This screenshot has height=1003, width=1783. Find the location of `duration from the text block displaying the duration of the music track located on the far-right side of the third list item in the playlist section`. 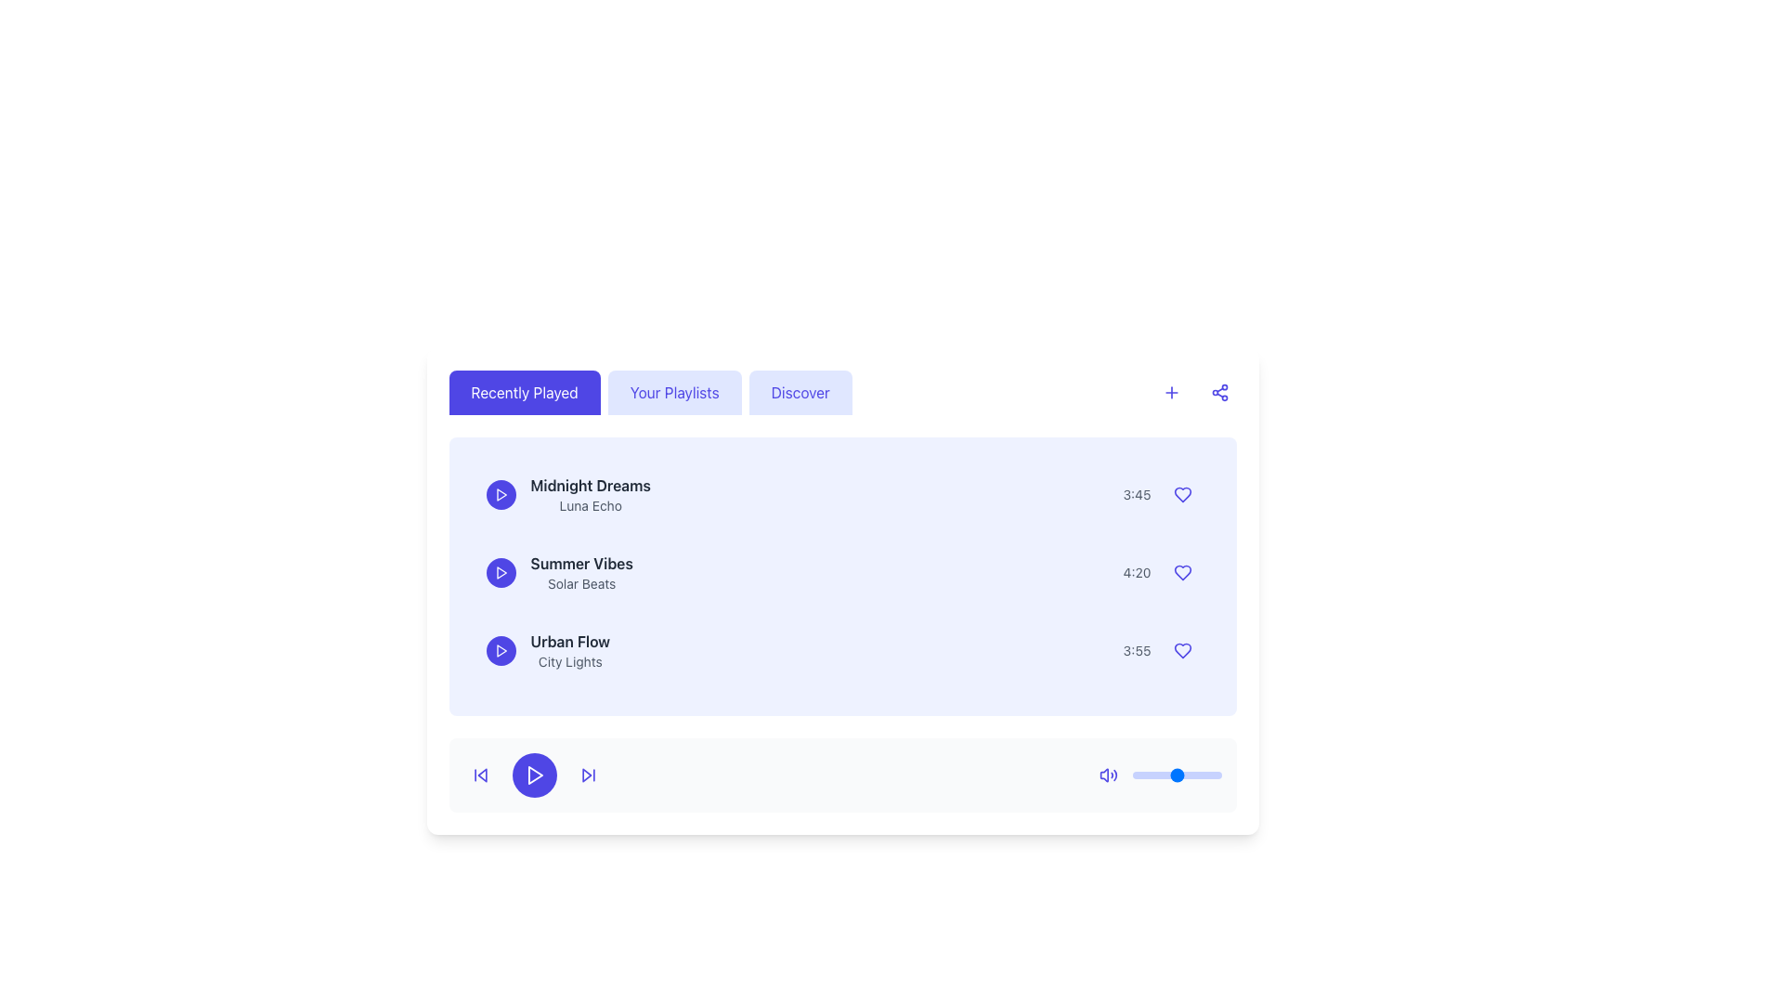

duration from the text block displaying the duration of the music track located on the far-right side of the third list item in the playlist section is located at coordinates (1136, 650).